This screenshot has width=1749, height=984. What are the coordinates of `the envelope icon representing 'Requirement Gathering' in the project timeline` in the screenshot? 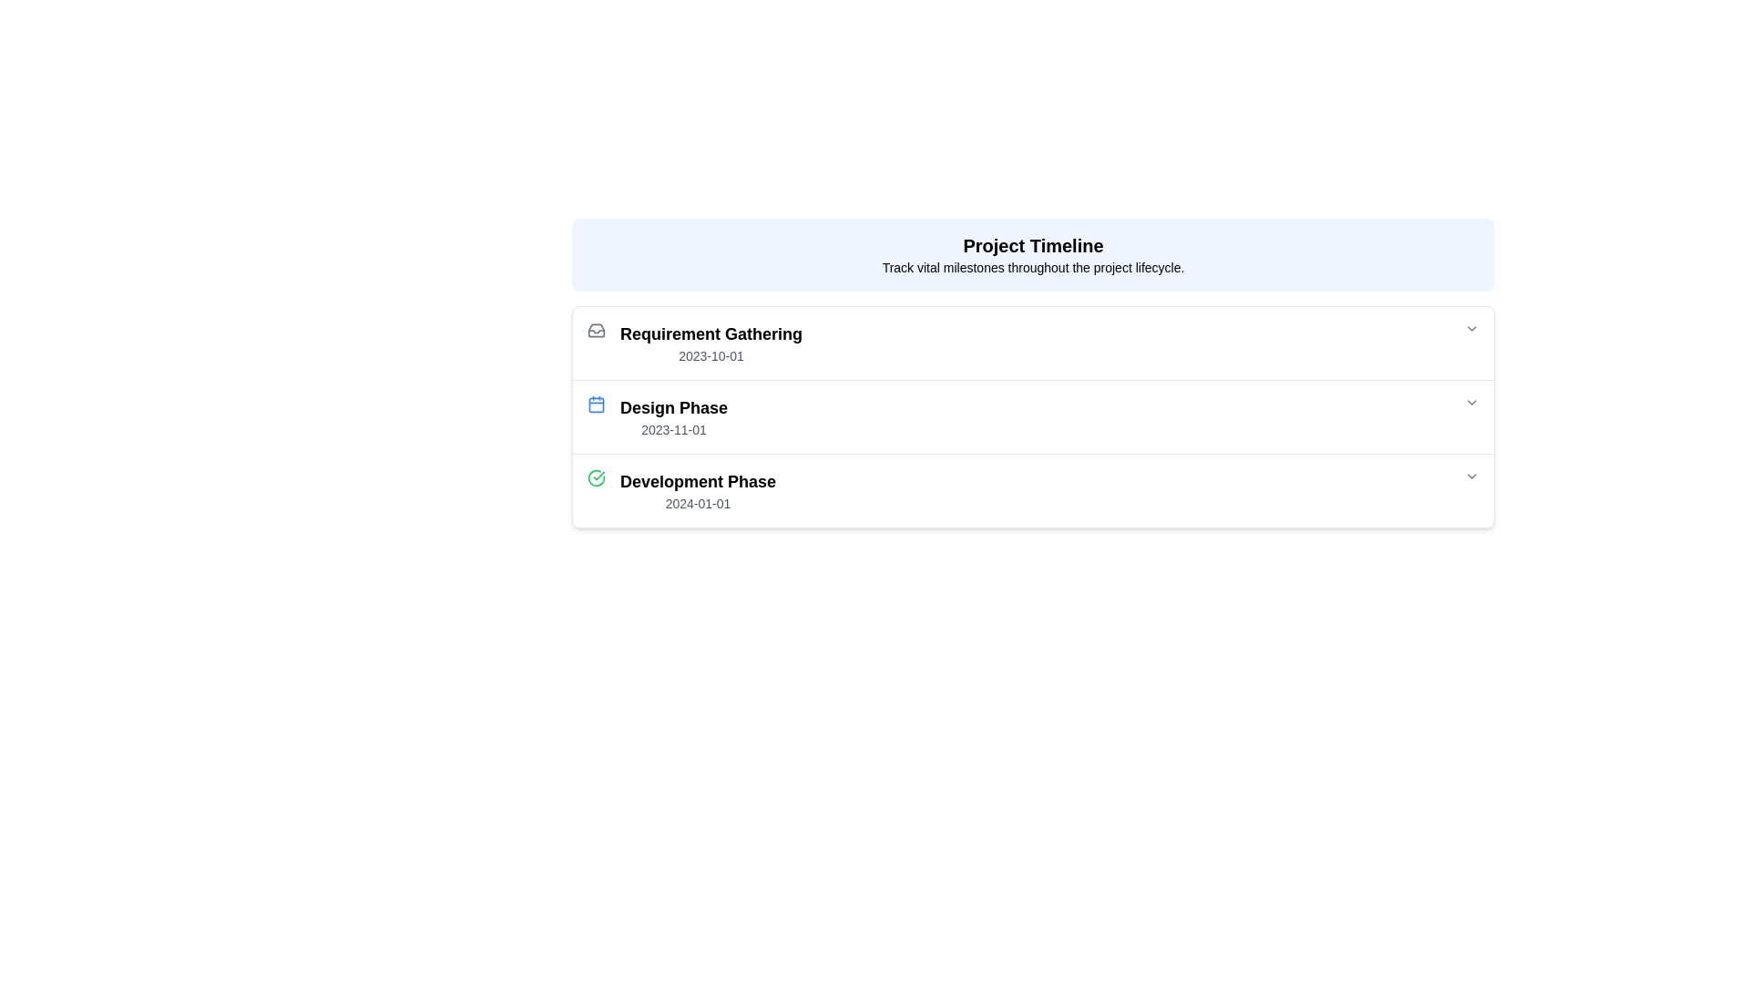 It's located at (596, 330).